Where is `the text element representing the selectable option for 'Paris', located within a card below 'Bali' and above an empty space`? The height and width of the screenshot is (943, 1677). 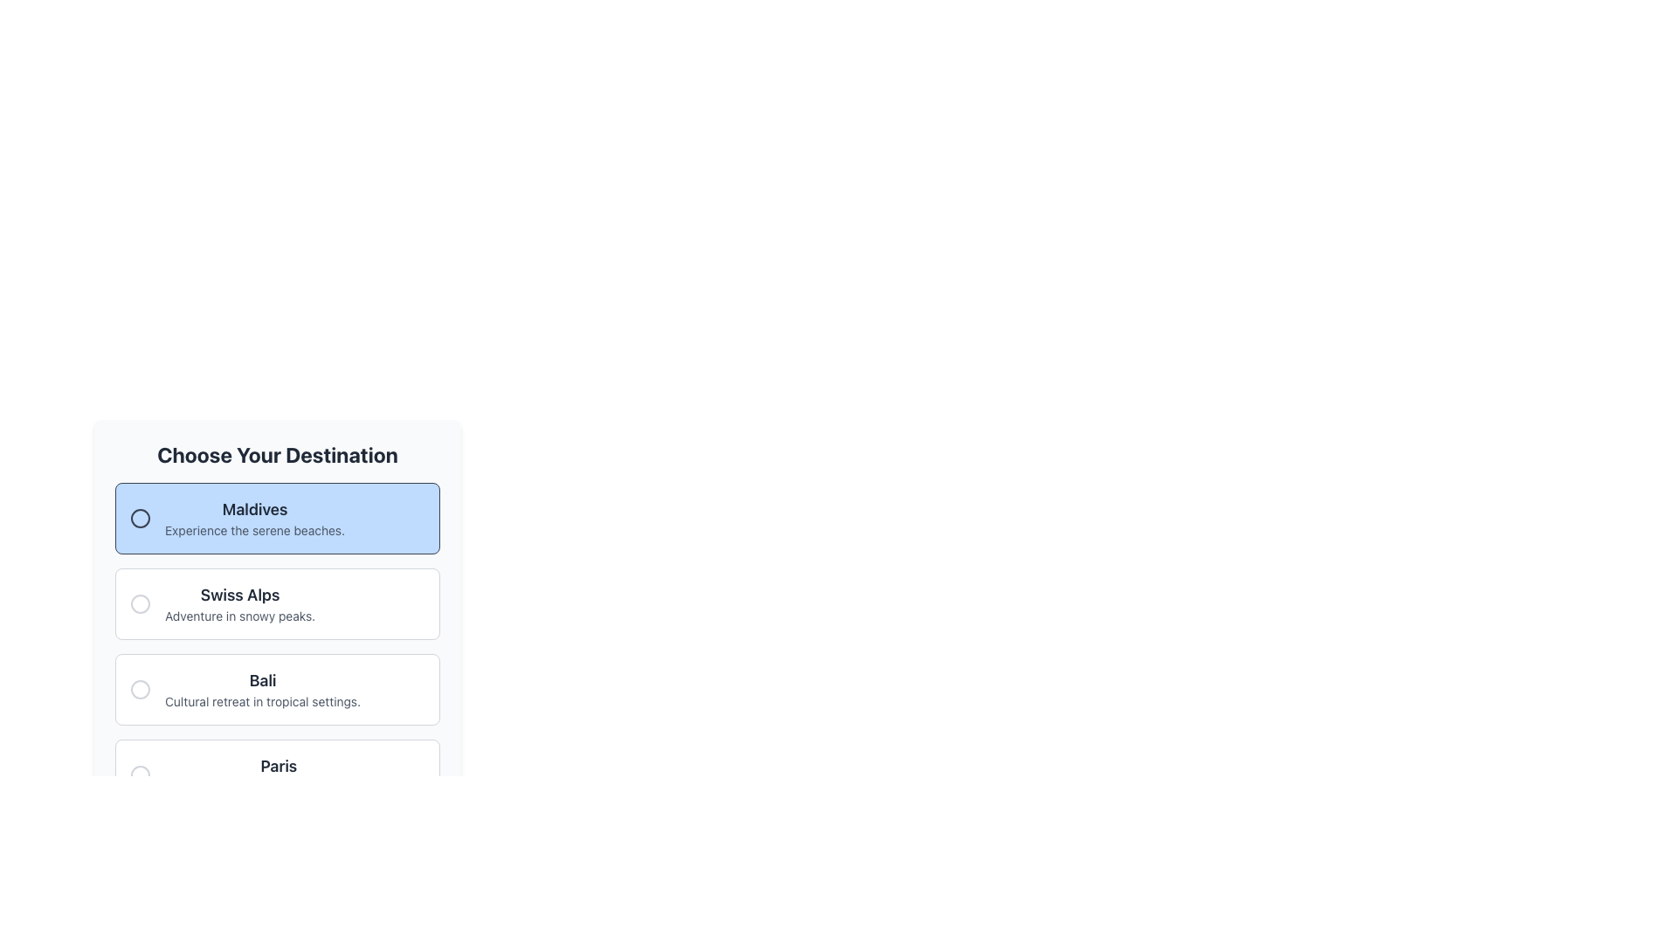 the text element representing the selectable option for 'Paris', located within a card below 'Bali' and above an empty space is located at coordinates (278, 774).